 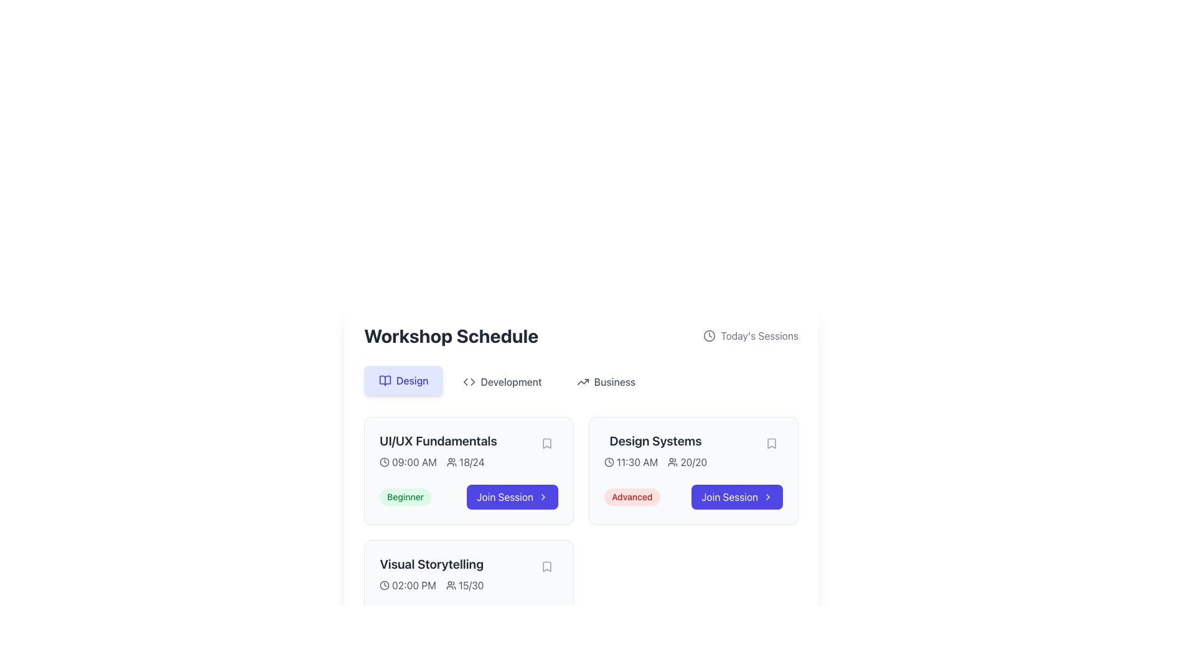 I want to click on the user-related data icon located to the left of the text '15/30' in the second row of the 'Visual Storytelling' schedule, so click(x=450, y=586).